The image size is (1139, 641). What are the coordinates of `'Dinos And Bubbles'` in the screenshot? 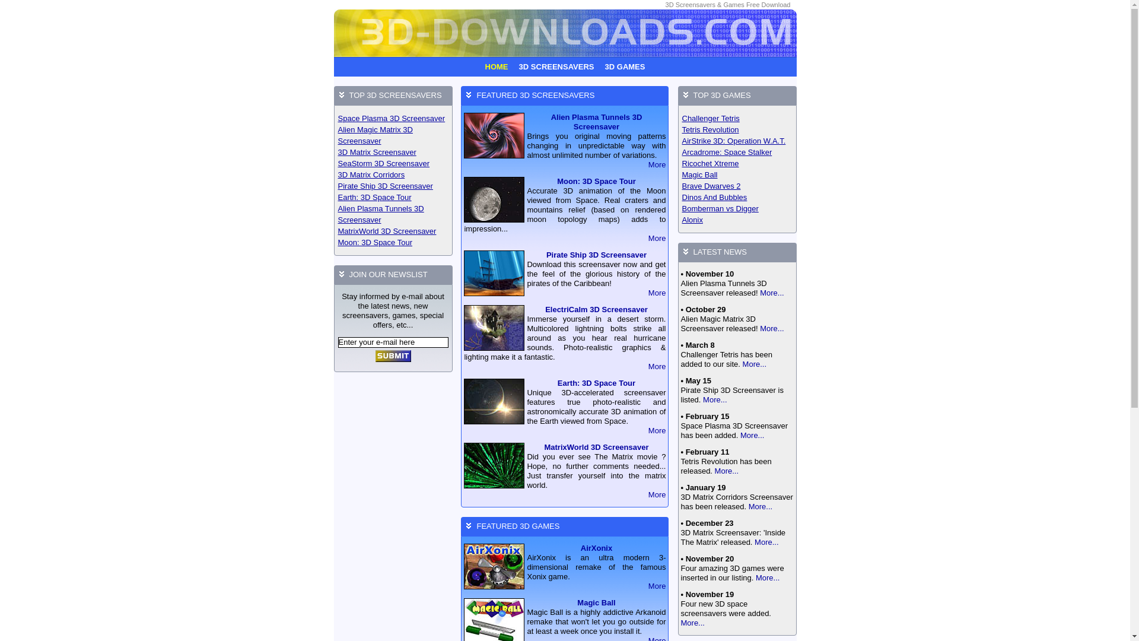 It's located at (737, 196).